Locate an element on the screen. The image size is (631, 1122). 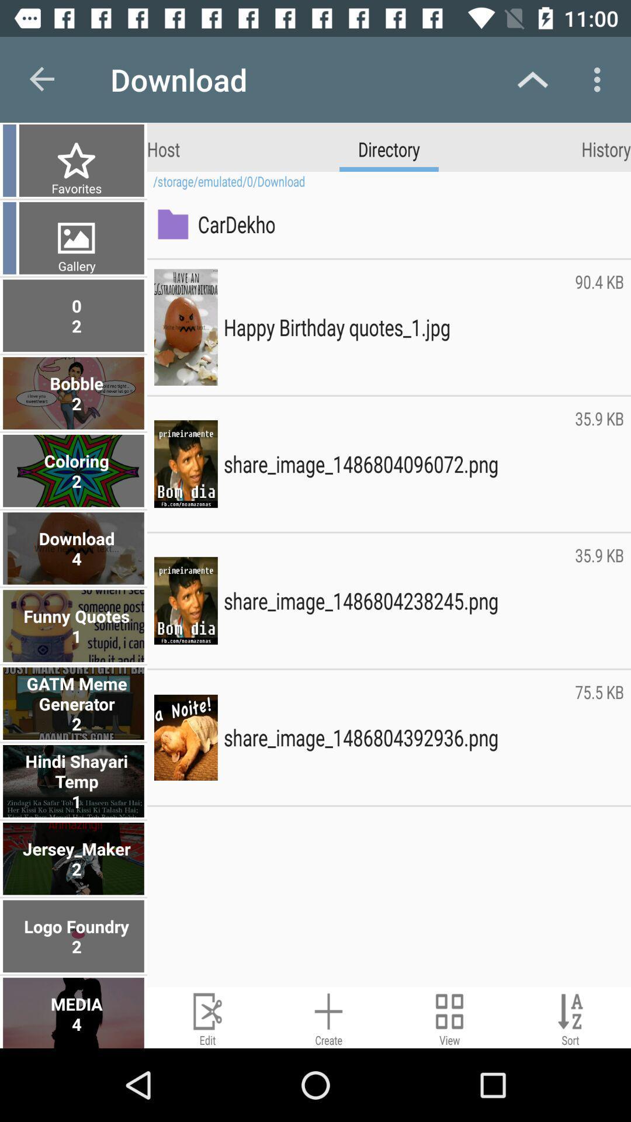
the cardekho item is located at coordinates (407, 224).